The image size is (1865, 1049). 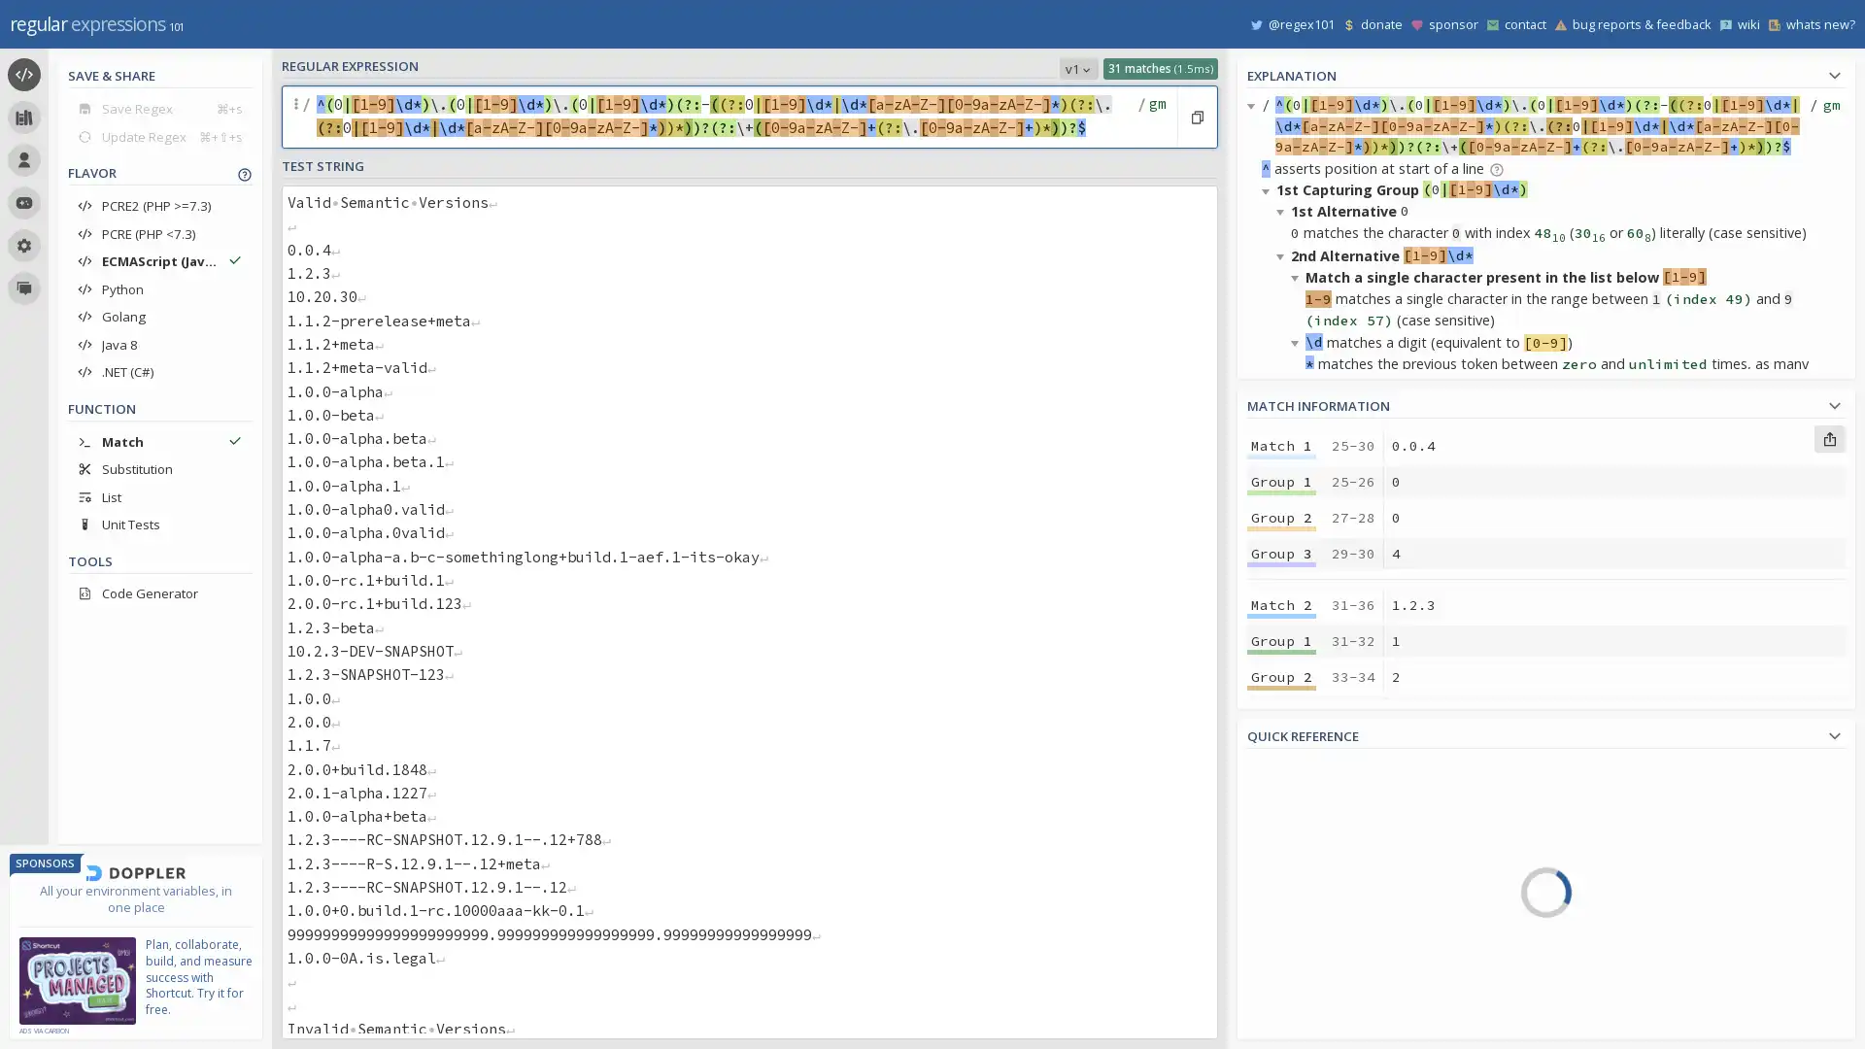 What do you see at coordinates (1338, 972) in the screenshot?
I see `Group Constructs` at bounding box center [1338, 972].